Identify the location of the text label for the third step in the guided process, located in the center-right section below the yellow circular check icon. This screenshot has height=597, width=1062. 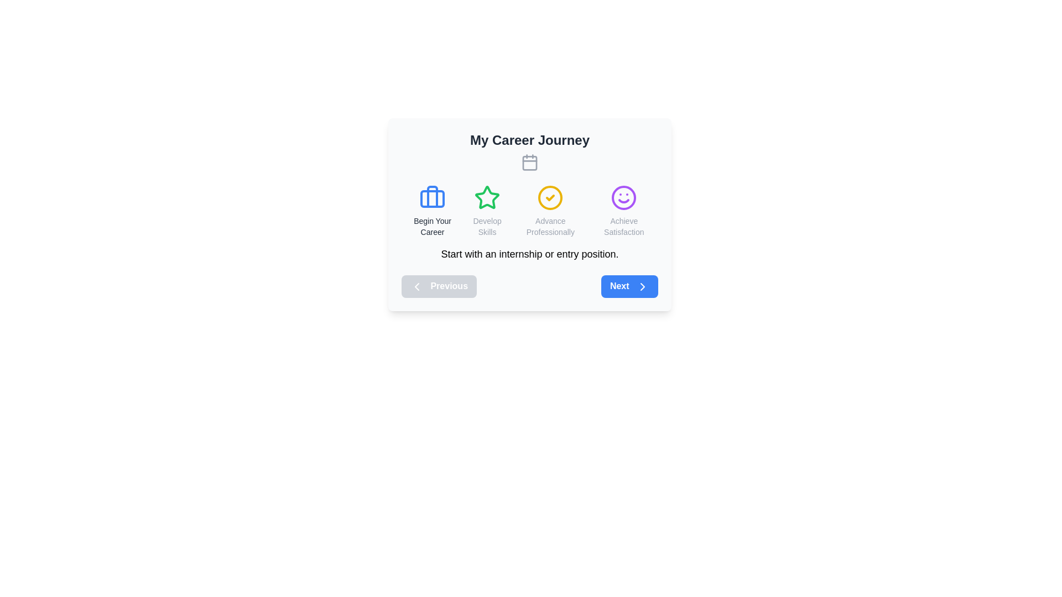
(550, 226).